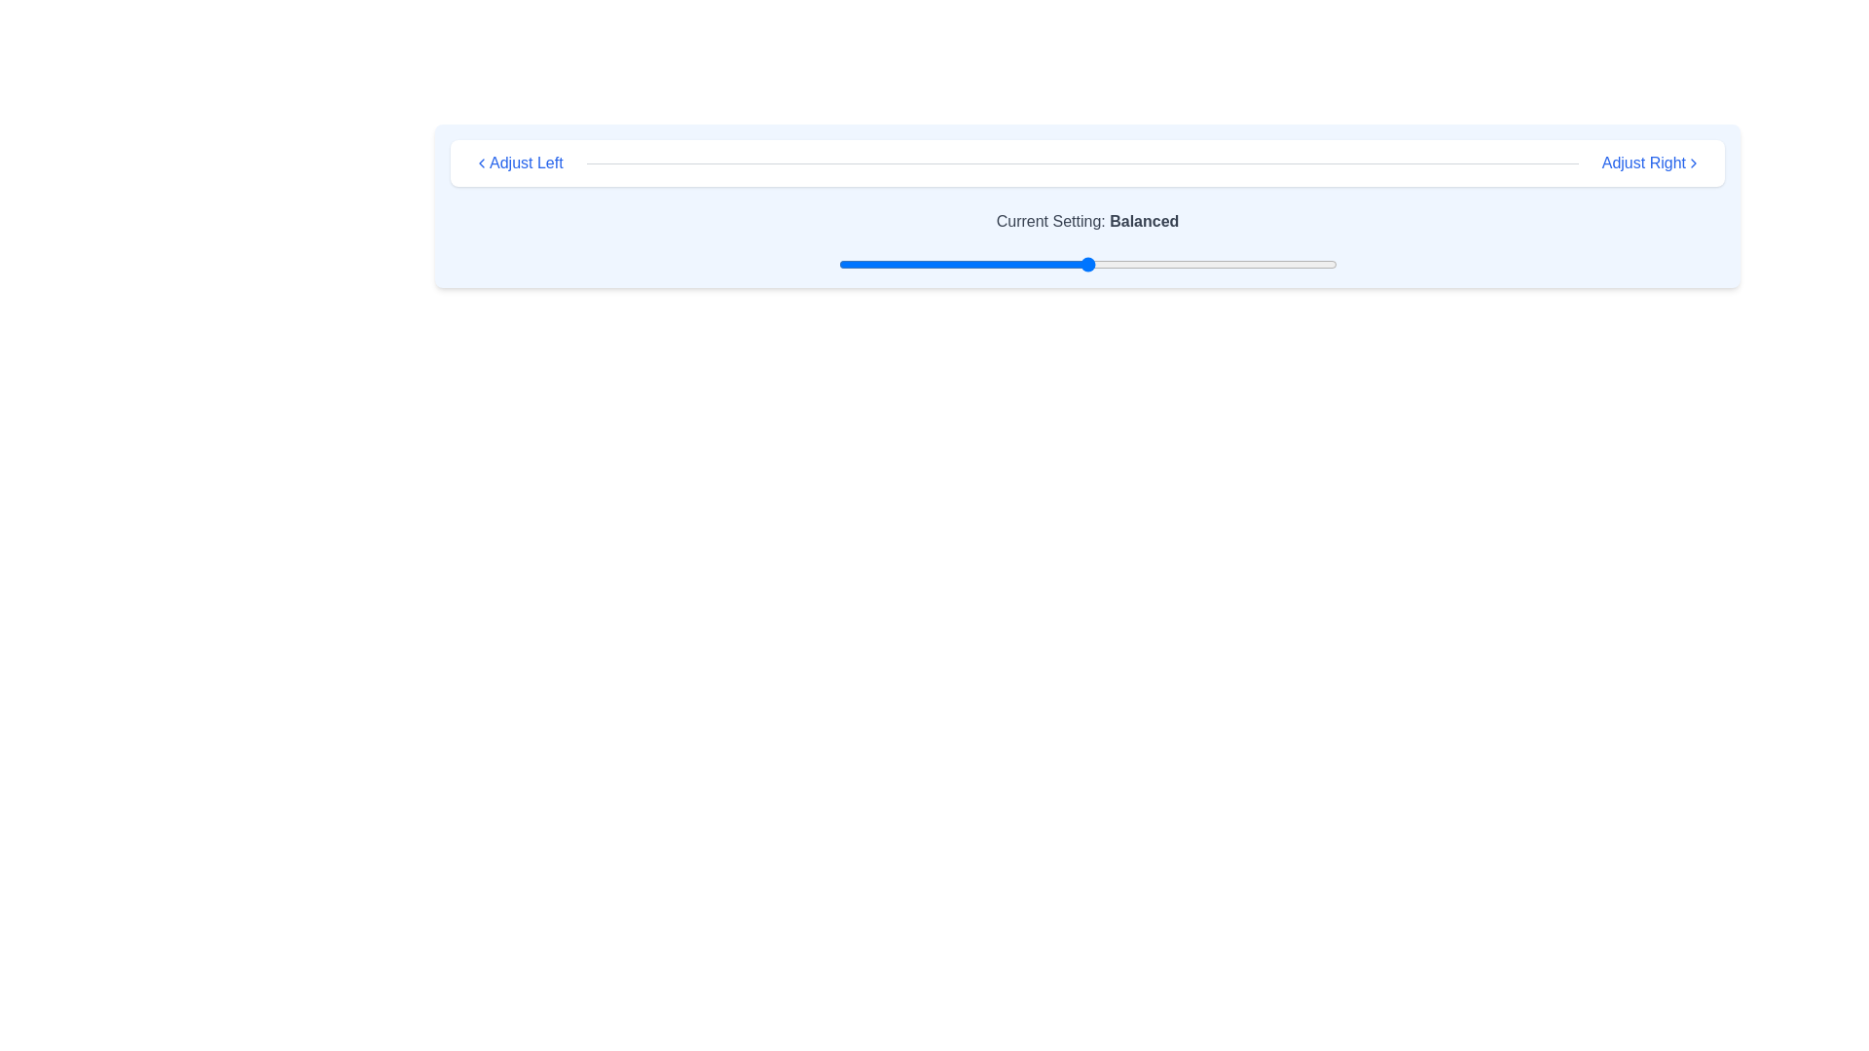 The width and height of the screenshot is (1869, 1051). What do you see at coordinates (1118, 265) in the screenshot?
I see `slider` at bounding box center [1118, 265].